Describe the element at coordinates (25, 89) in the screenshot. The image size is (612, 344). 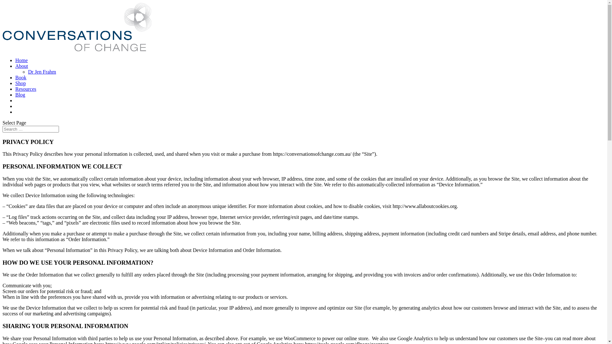
I see `'Resources'` at that location.